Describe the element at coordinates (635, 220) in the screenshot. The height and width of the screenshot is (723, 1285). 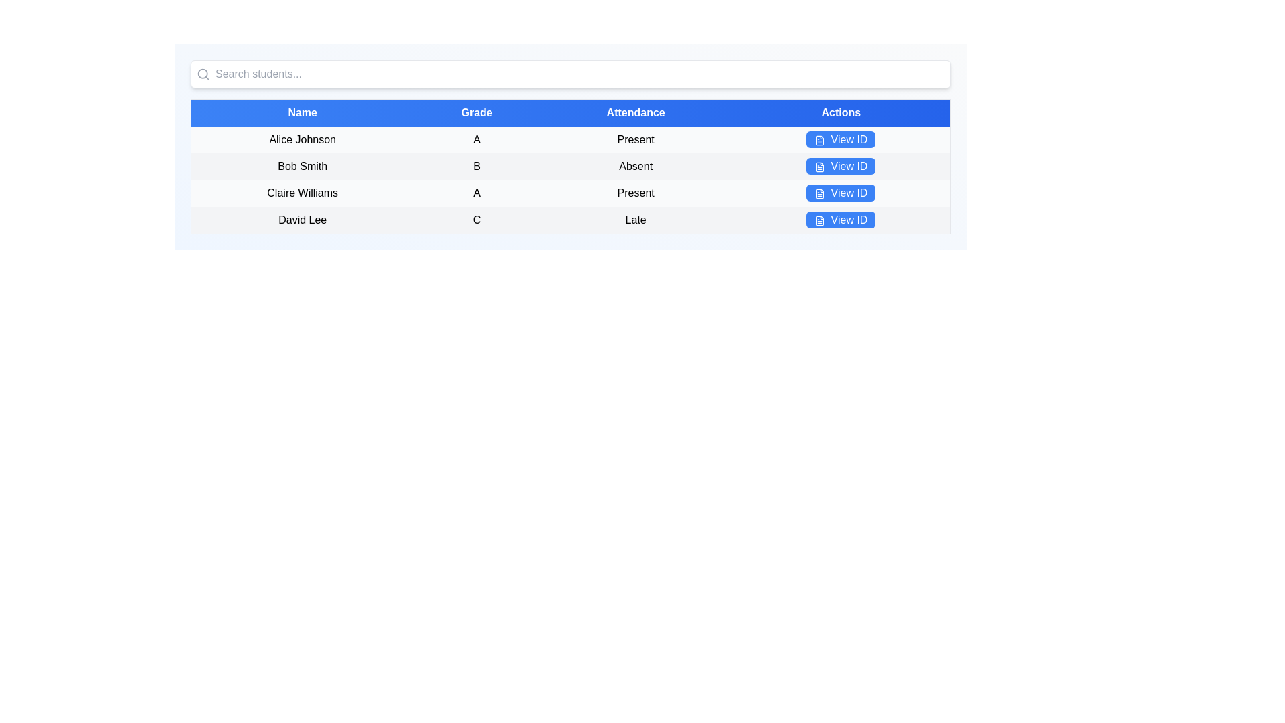
I see `the static text 'Late' in the third column of the last row, which corresponds to 'David Lee' under the 'Attendance' header` at that location.